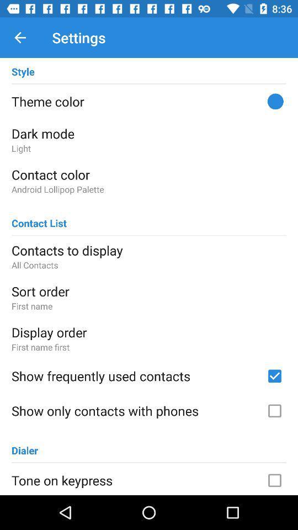 This screenshot has width=298, height=530. I want to click on the contact list on the left, so click(39, 218).